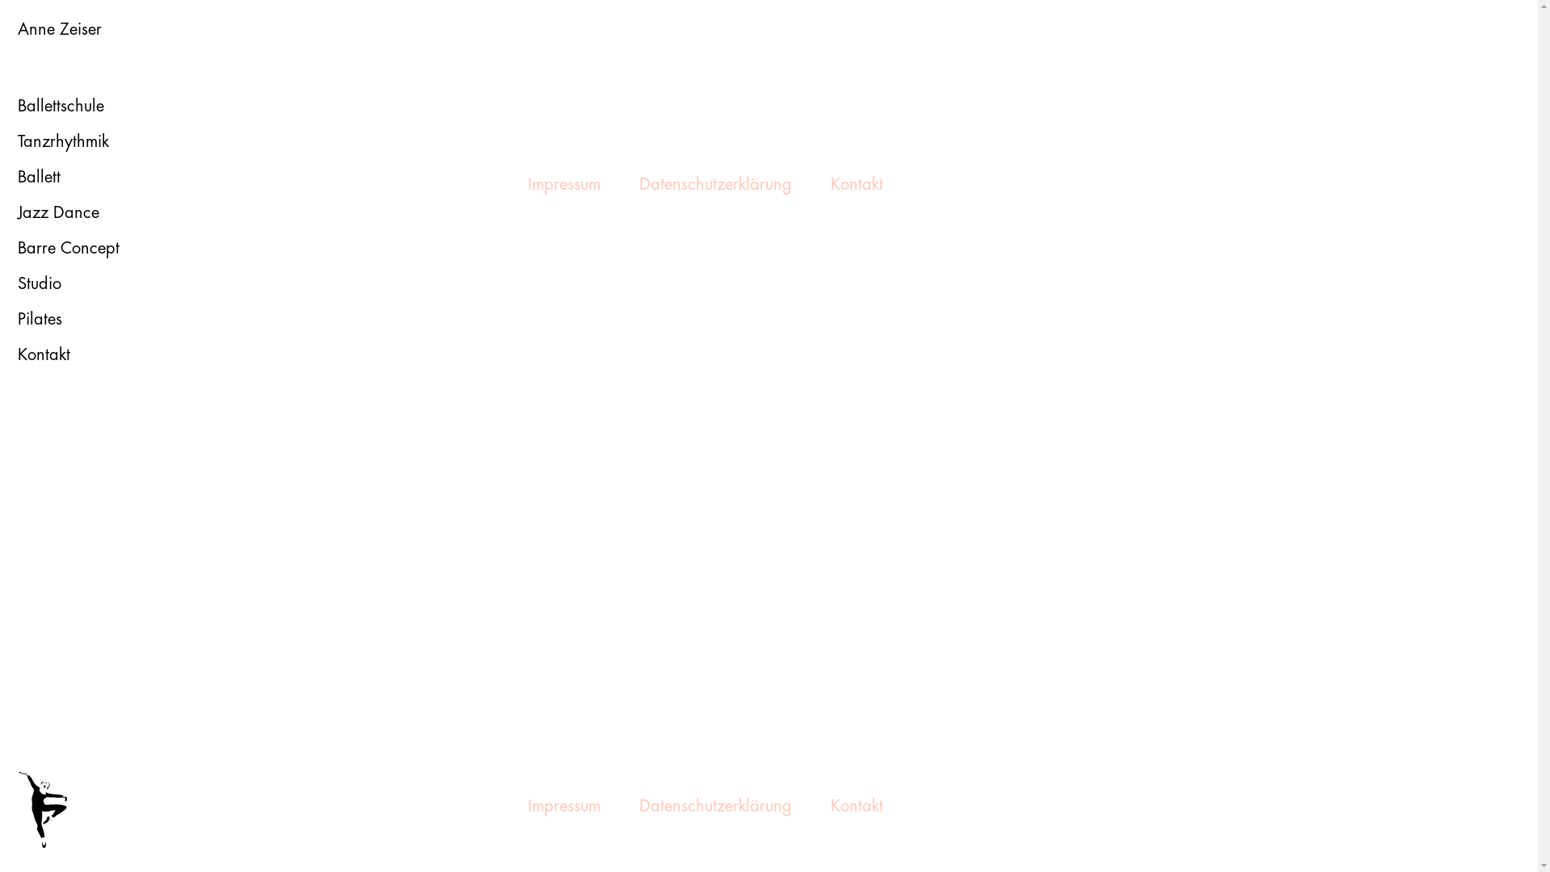  I want to click on 'Kontakt', so click(18, 354).